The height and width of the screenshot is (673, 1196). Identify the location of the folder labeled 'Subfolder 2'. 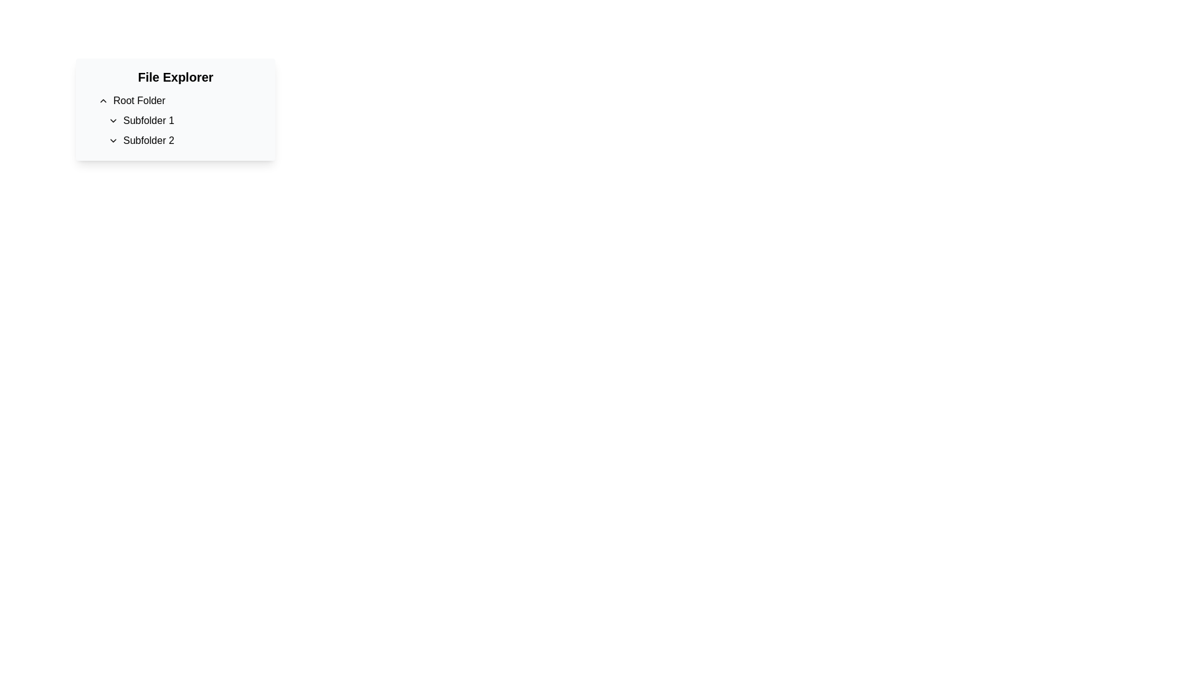
(148, 140).